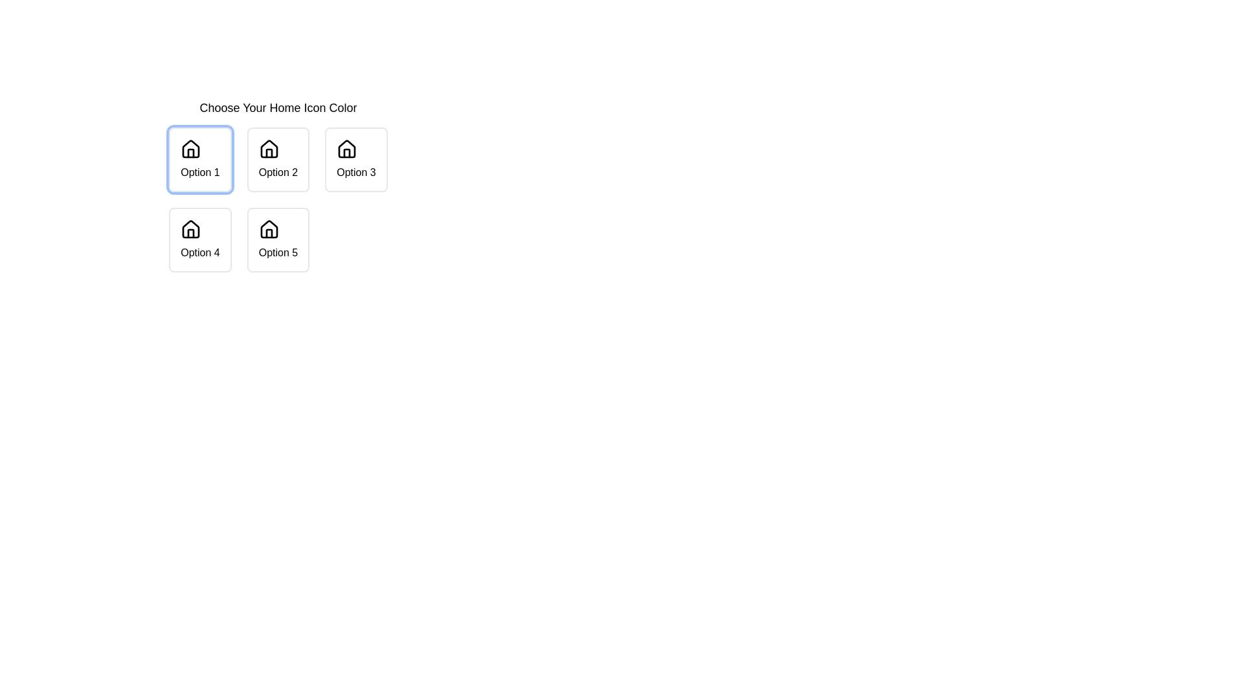 This screenshot has height=699, width=1243. What do you see at coordinates (199, 239) in the screenshot?
I see `the Selectable button, which is the first column in the second row of a grid layout containing options labeled from 'Option 1' to 'Option 5'` at bounding box center [199, 239].